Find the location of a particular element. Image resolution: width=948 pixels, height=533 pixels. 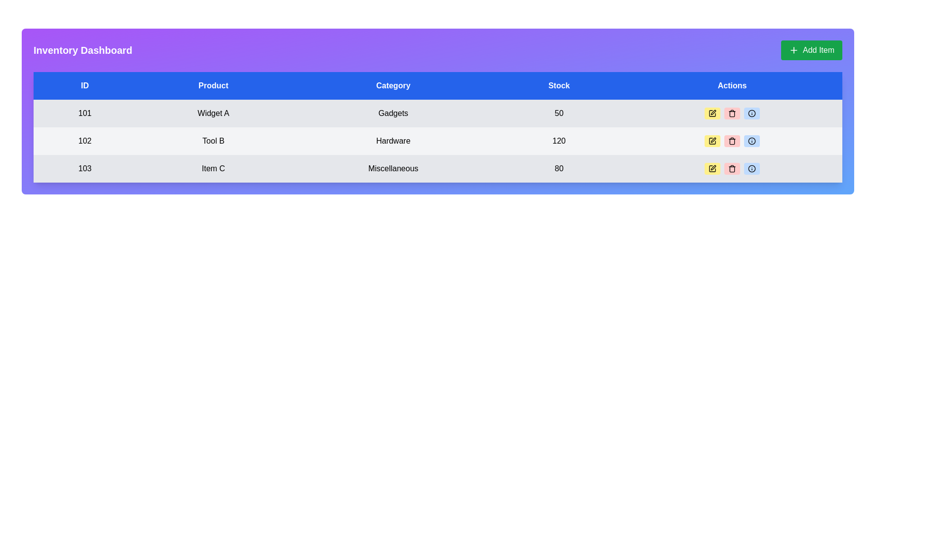

the light blue circular part of the information icon located on the rightmost side of the 'Actions' column in the last row of the table is located at coordinates (751, 113).